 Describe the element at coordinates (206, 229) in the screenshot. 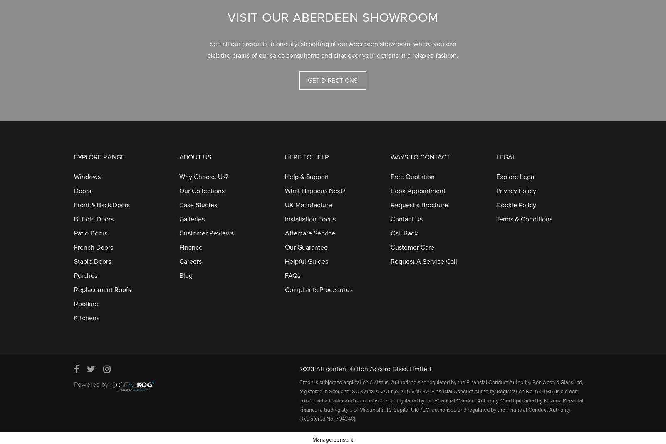

I see `'Customer Reviews'` at that location.